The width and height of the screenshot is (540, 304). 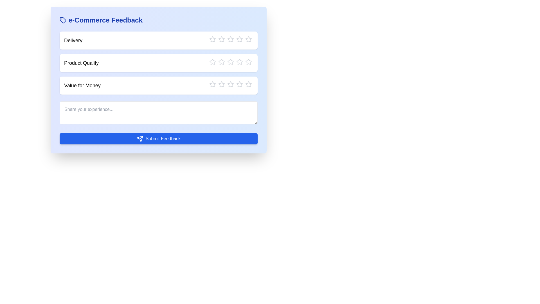 I want to click on the star corresponding to the rating 2 for the category Product Quality, so click(x=218, y=62).